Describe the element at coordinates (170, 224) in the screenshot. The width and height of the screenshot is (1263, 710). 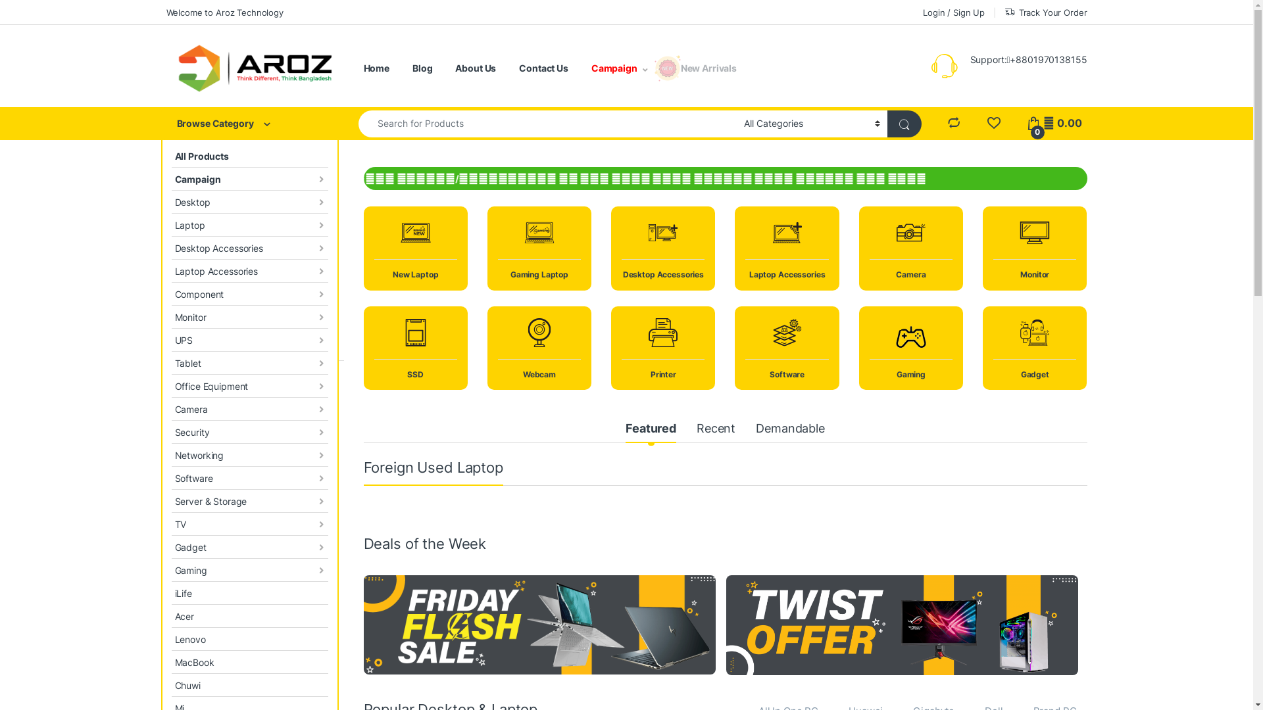
I see `'Laptop'` at that location.